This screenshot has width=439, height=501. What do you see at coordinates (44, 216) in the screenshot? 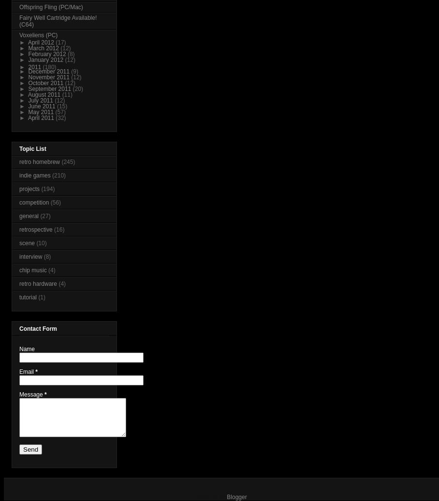
I see `'(27)'` at bounding box center [44, 216].